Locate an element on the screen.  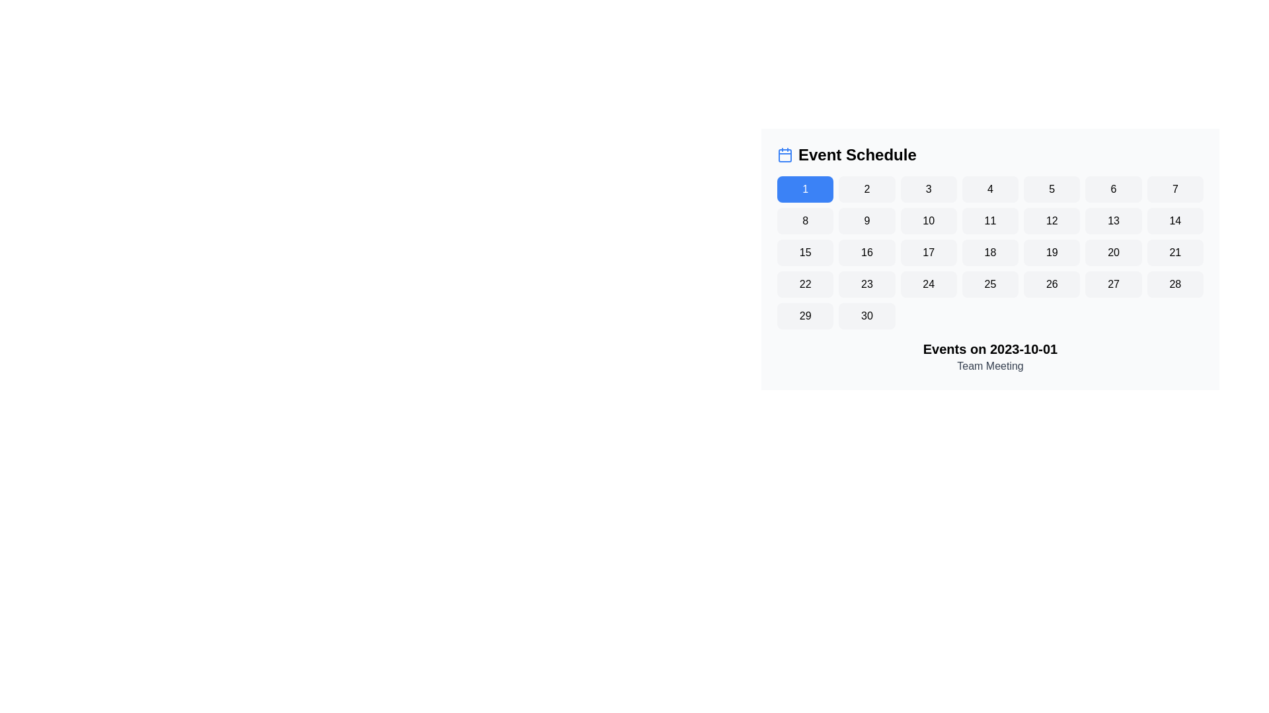
the button representing the first day of the month in the calendar grid is located at coordinates (804, 189).